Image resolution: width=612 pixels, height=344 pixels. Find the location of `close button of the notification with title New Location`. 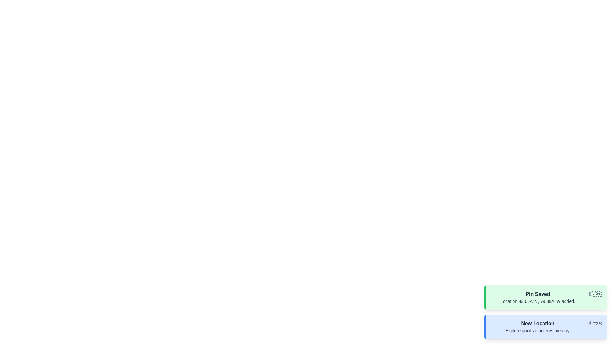

close button of the notification with title New Location is located at coordinates (595, 323).